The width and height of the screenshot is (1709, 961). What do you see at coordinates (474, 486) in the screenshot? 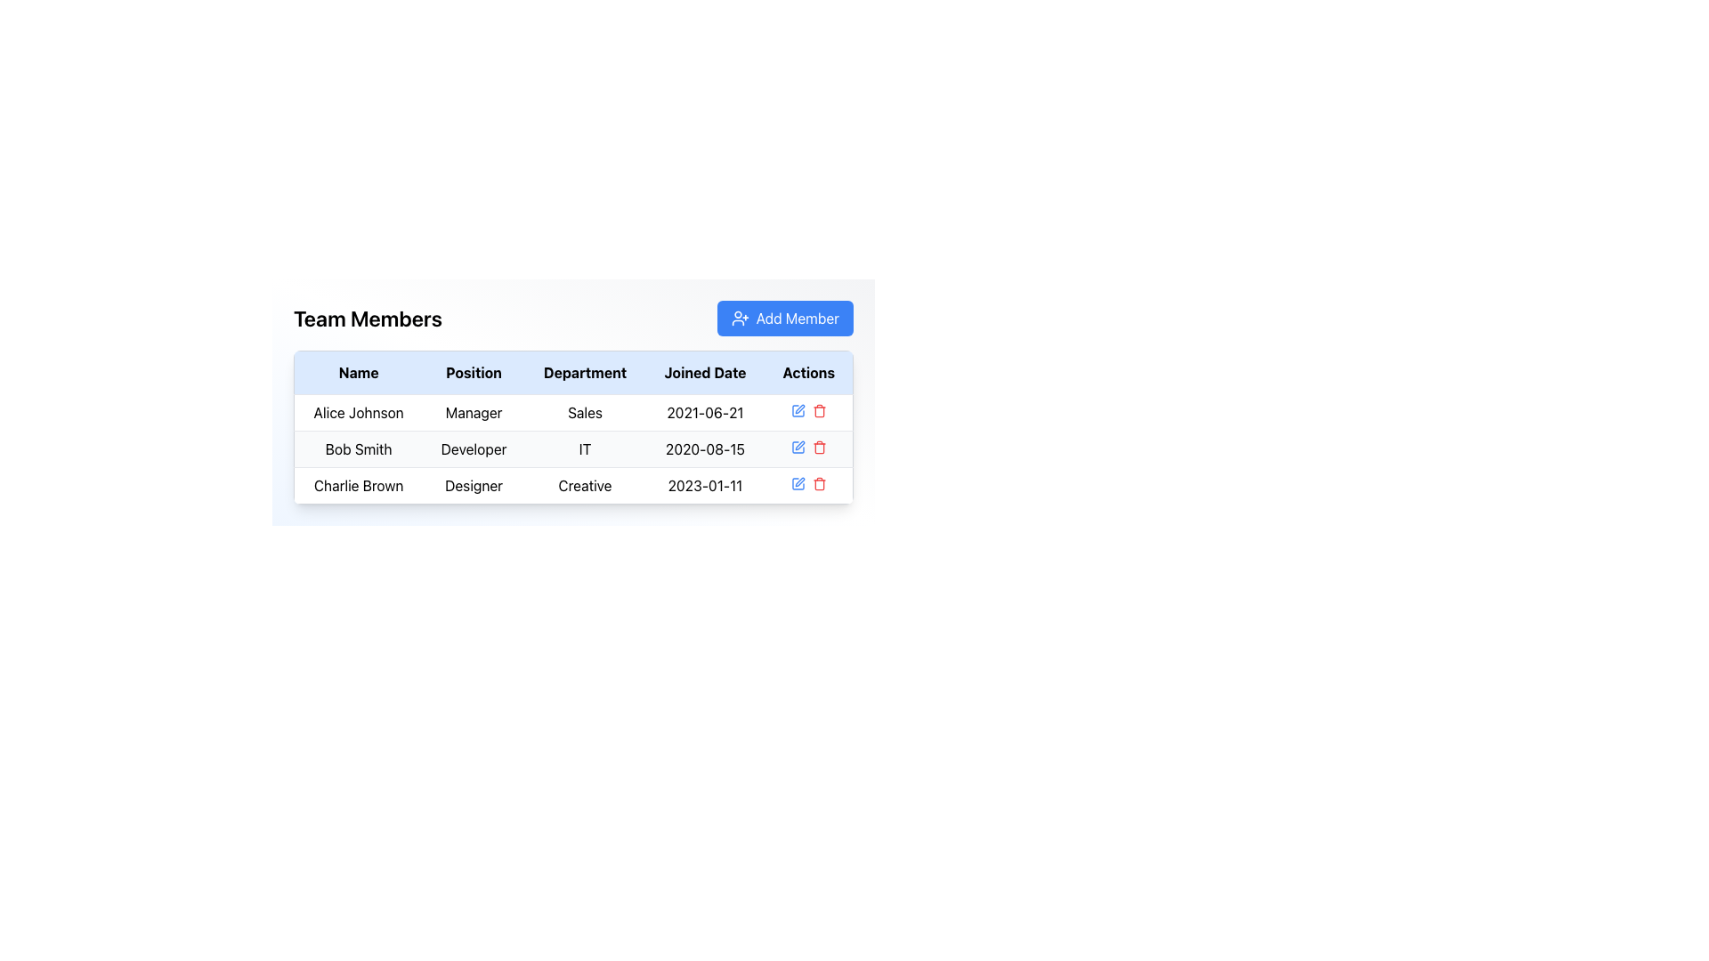
I see `the Text Label indicating the job position of 'Charlie Brown', located in the cell under the 'Position' column` at bounding box center [474, 486].